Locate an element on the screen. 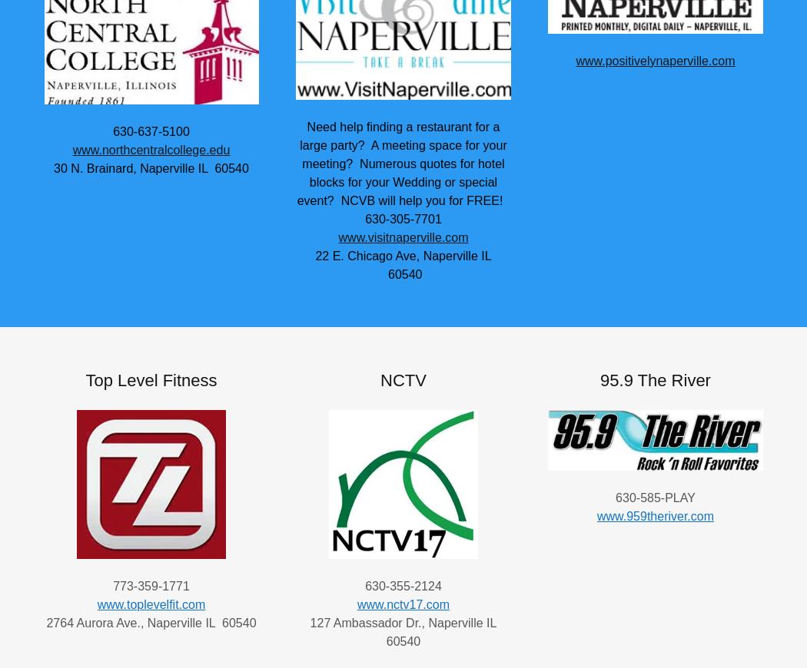 Image resolution: width=807 pixels, height=668 pixels. 'www.positivelynaperville.com' is located at coordinates (655, 59).